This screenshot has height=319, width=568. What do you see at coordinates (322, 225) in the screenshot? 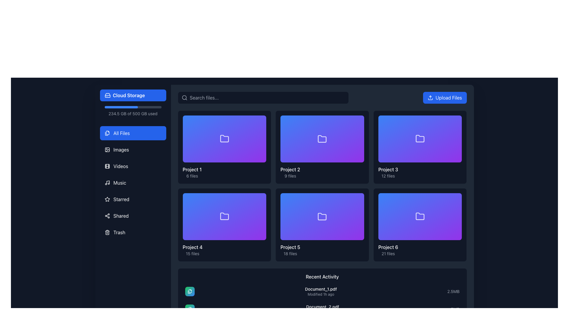
I see `the clickable card element for 'Project 5' located in the second row and second column of the grid layout to trigger hover effects` at bounding box center [322, 225].